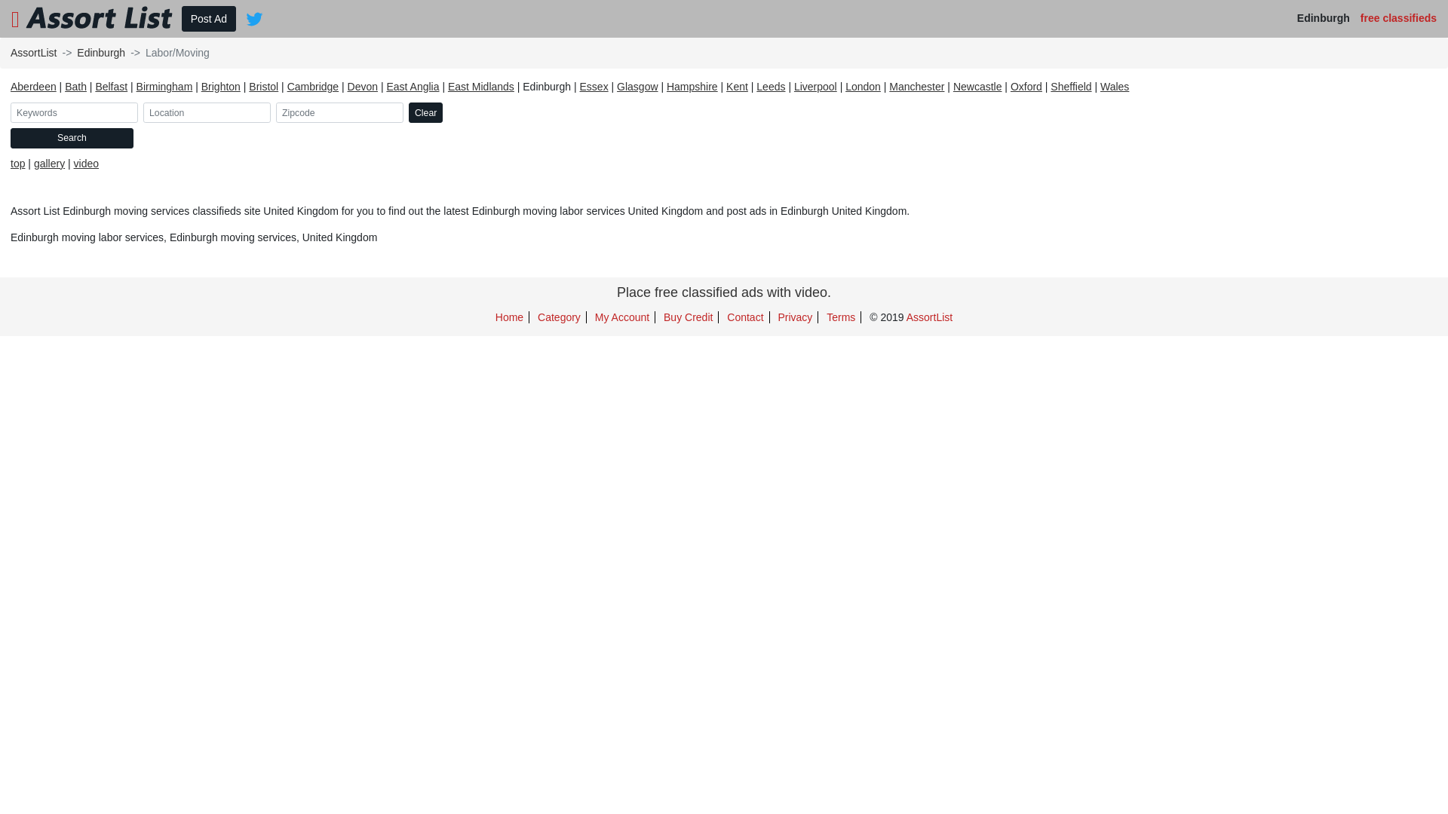 The width and height of the screenshot is (1448, 814). What do you see at coordinates (616, 292) in the screenshot?
I see `'Place free classified ads with video.'` at bounding box center [616, 292].